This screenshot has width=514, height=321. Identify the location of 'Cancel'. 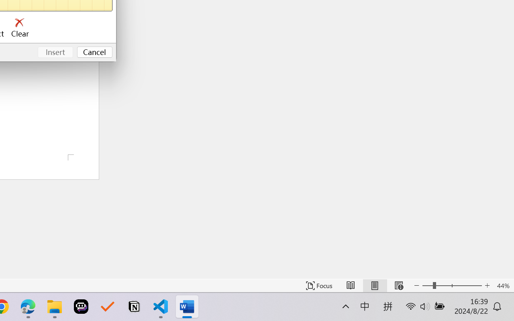
(95, 52).